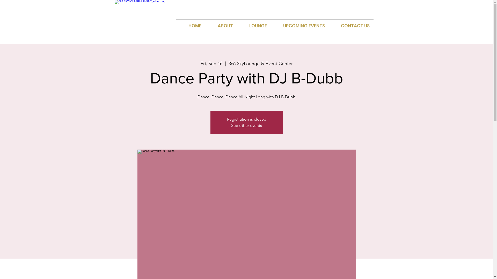 This screenshot has height=279, width=497. What do you see at coordinates (176, 26) in the screenshot?
I see `'HOME'` at bounding box center [176, 26].